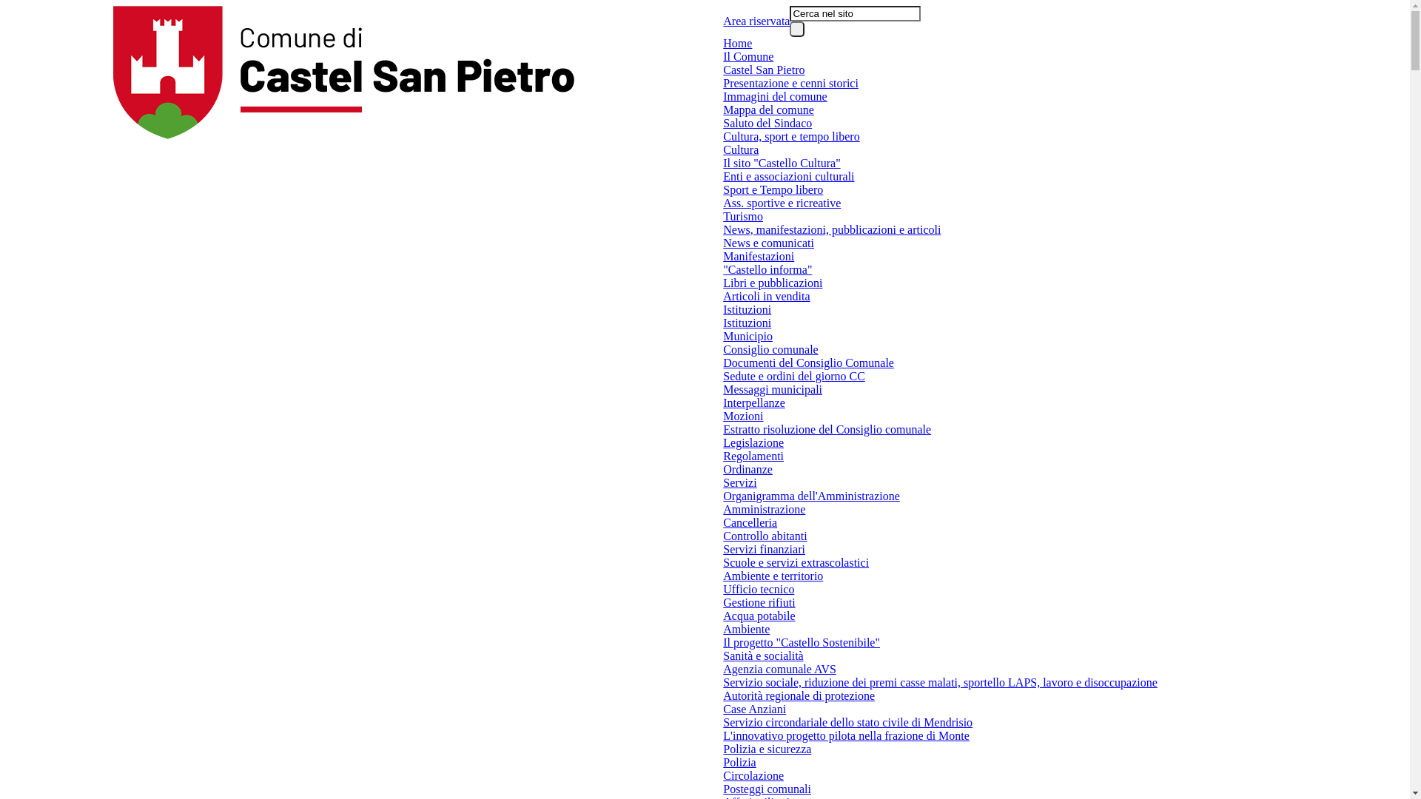  What do you see at coordinates (767, 270) in the screenshot?
I see `'"Castello informa"'` at bounding box center [767, 270].